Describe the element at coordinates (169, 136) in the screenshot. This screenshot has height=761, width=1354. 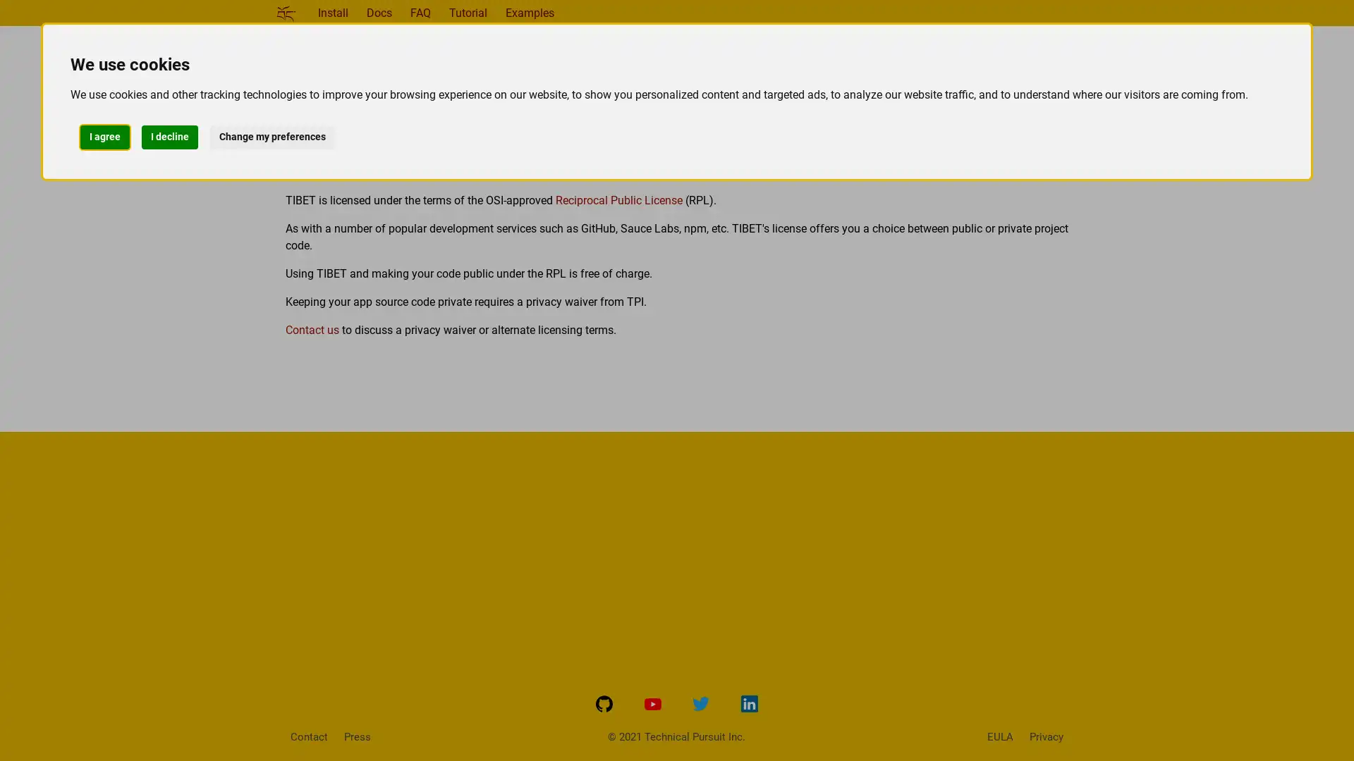
I see `I decline` at that location.